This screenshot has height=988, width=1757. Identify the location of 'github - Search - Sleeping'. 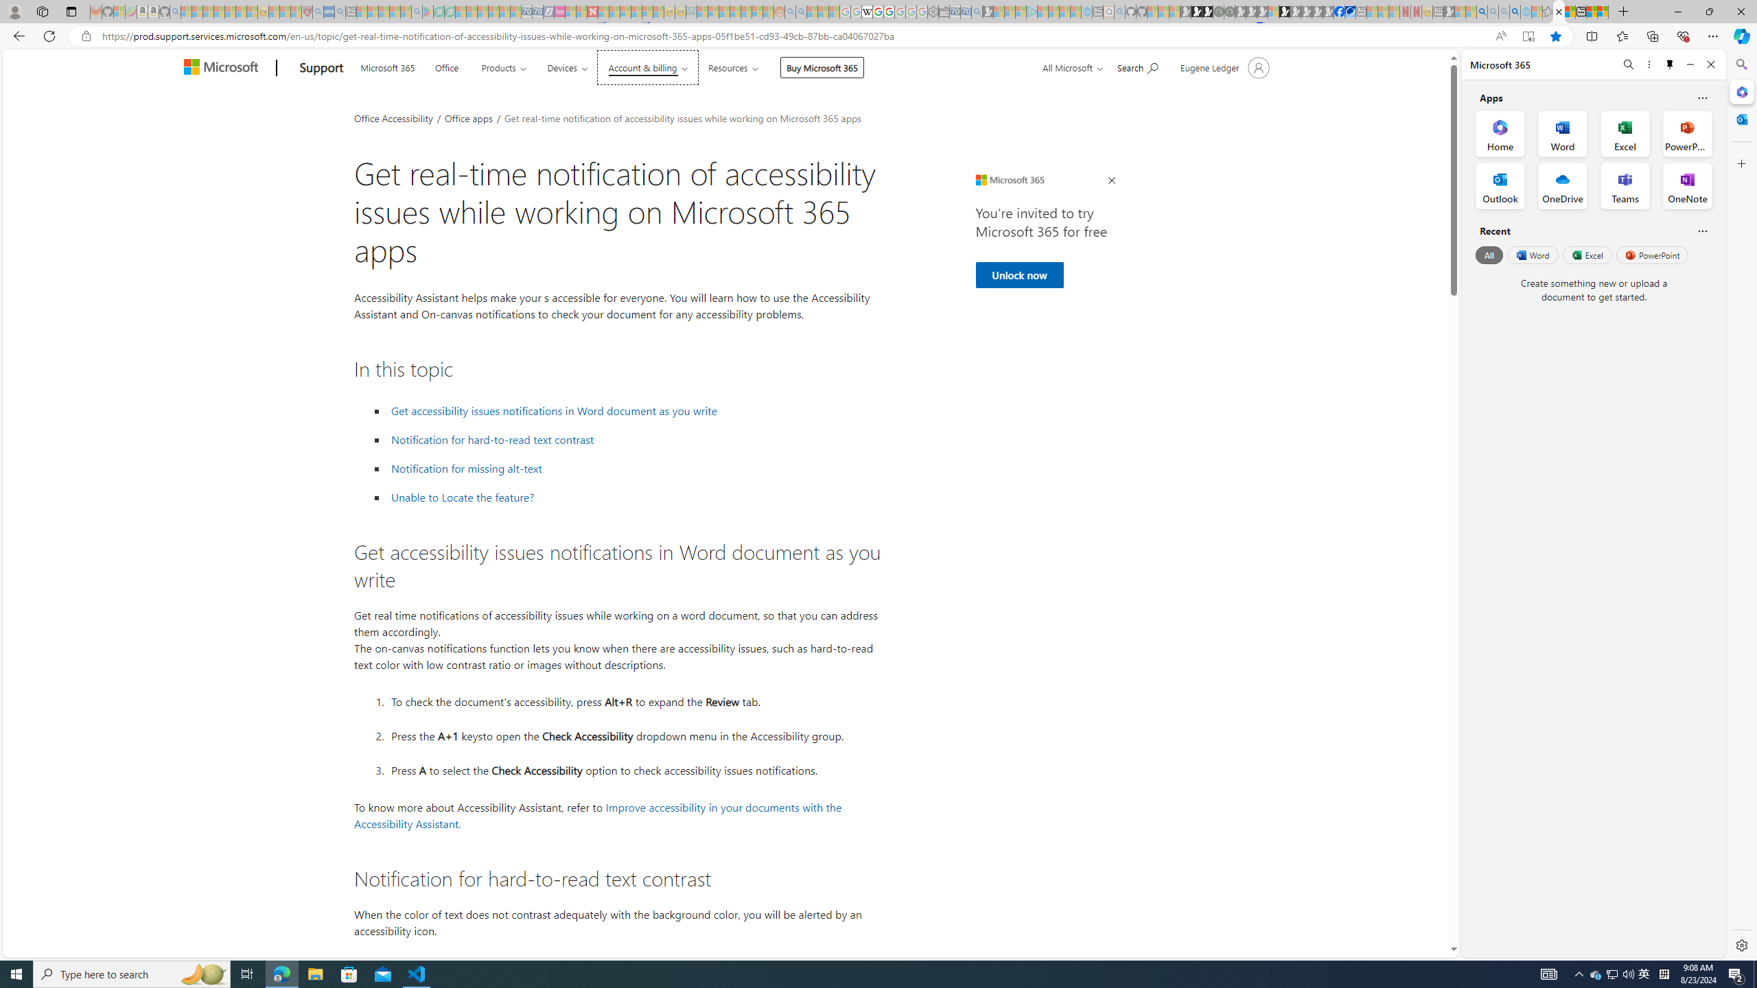
(1119, 11).